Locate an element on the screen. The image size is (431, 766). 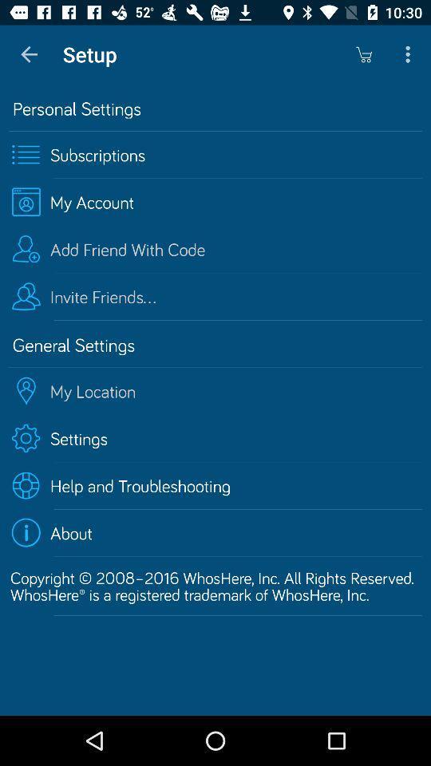
the item next to setup app is located at coordinates (363, 54).